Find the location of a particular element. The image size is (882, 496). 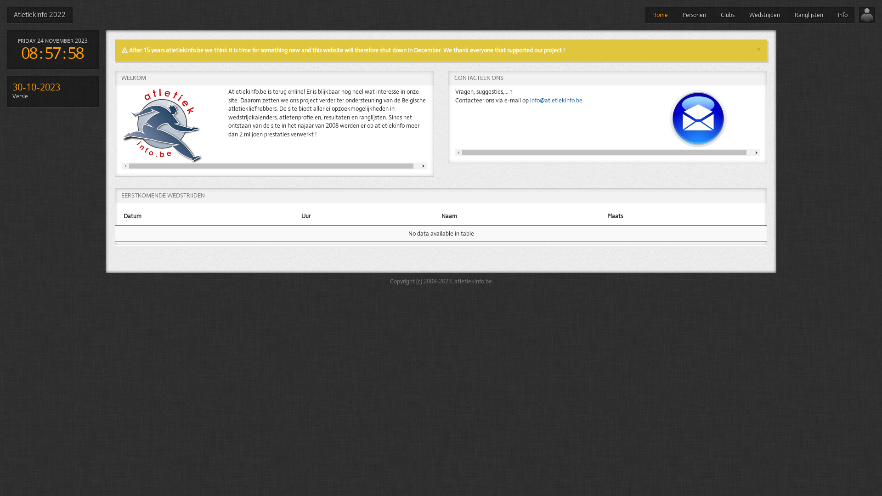

'Ranglijsten' is located at coordinates (809, 15).